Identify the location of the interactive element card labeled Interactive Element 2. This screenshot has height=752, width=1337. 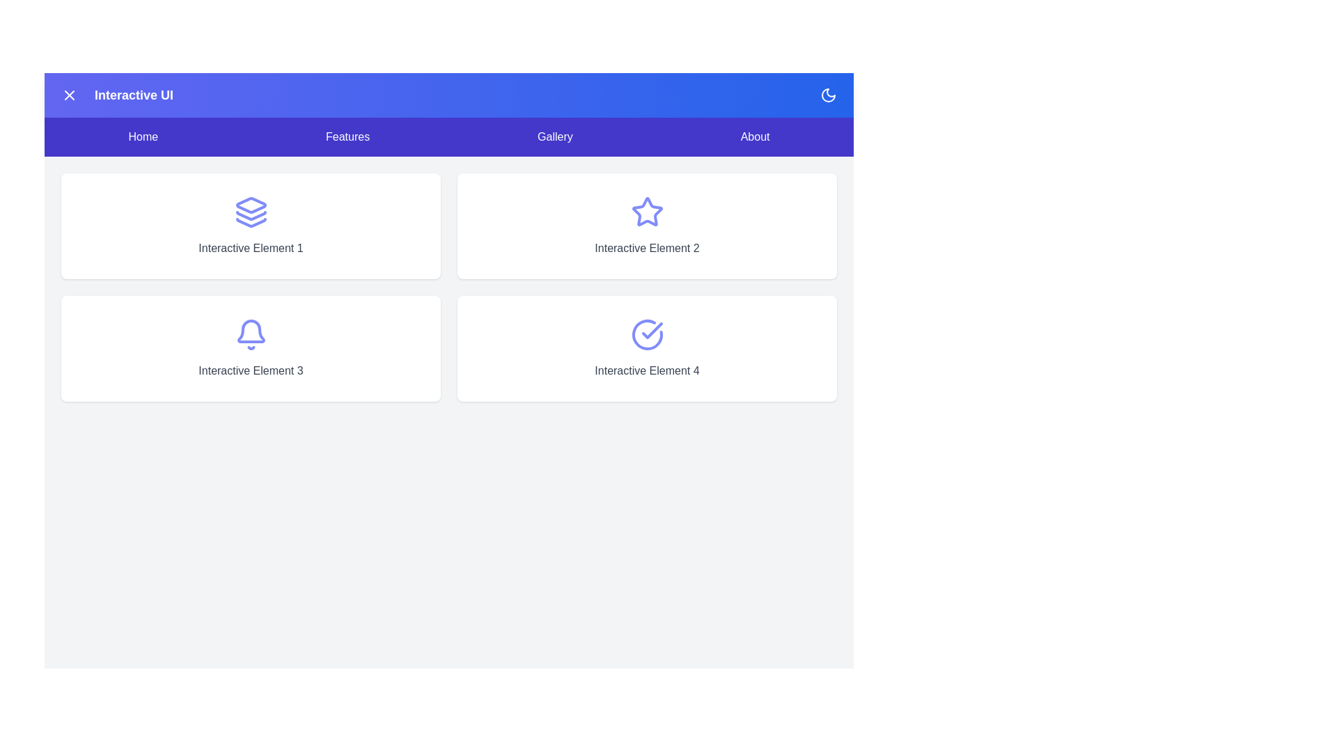
(646, 225).